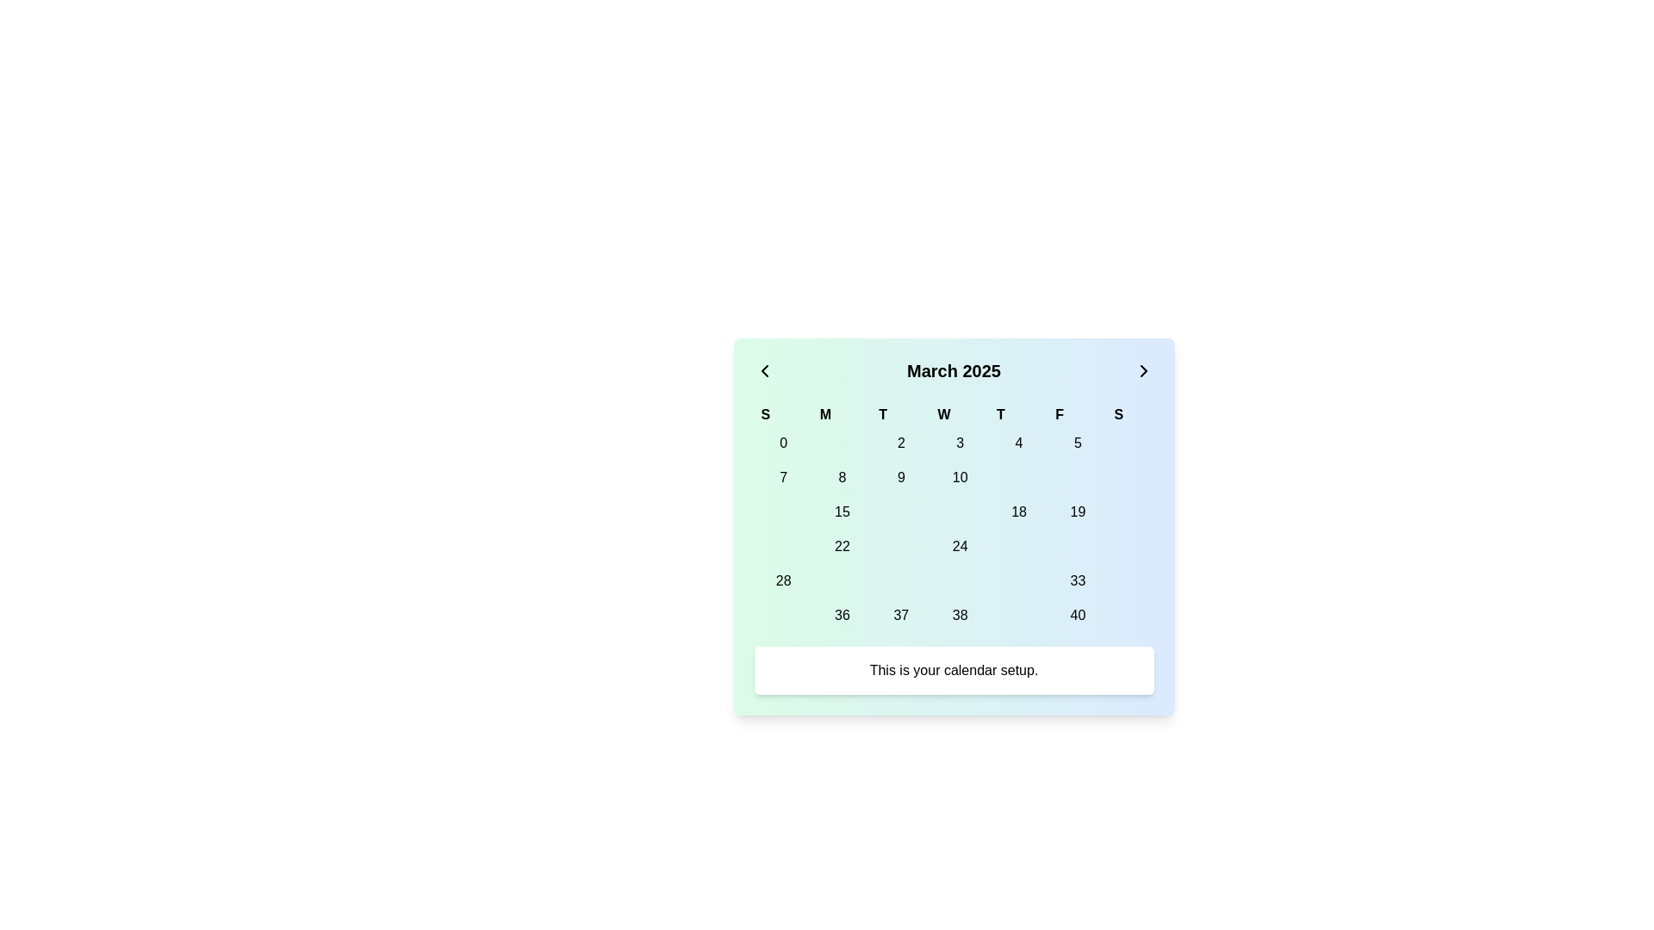 The width and height of the screenshot is (1654, 930). Describe the element at coordinates (1019, 443) in the screenshot. I see `the numeric label displaying '4', which is styled in a sans-serif font and positioned under the 'T' column in the calendar layout` at that location.